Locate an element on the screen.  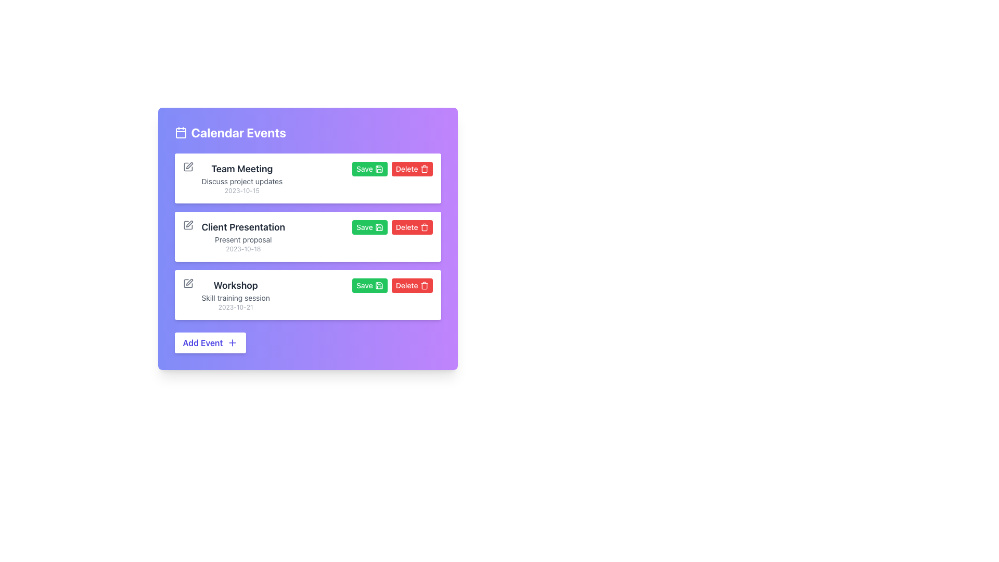
the 'Delete' button for the last event titled 'Workshop' is located at coordinates (412, 285).